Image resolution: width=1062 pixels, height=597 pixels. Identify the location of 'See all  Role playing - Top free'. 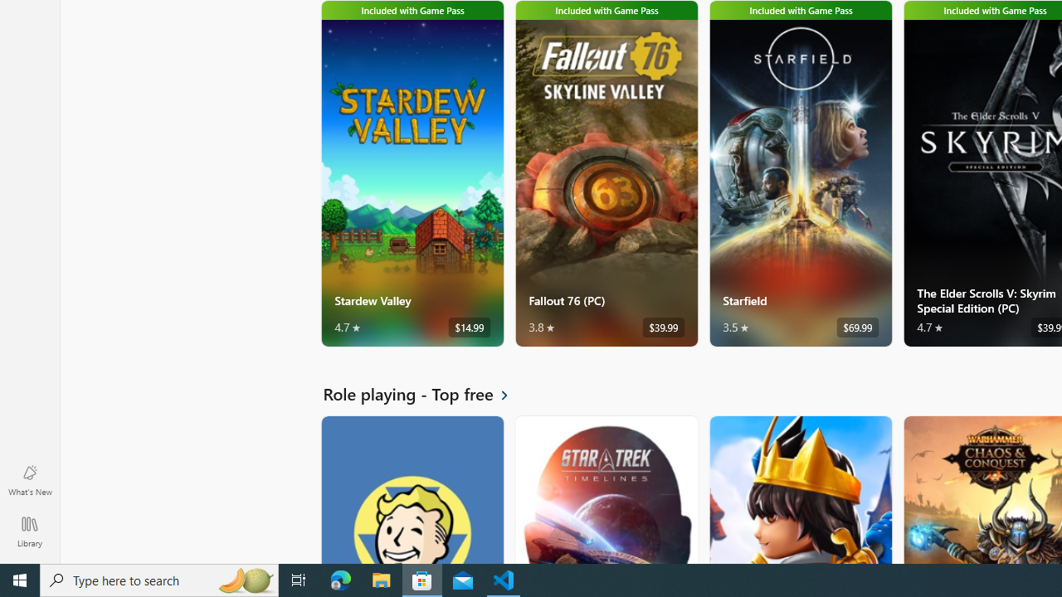
(425, 394).